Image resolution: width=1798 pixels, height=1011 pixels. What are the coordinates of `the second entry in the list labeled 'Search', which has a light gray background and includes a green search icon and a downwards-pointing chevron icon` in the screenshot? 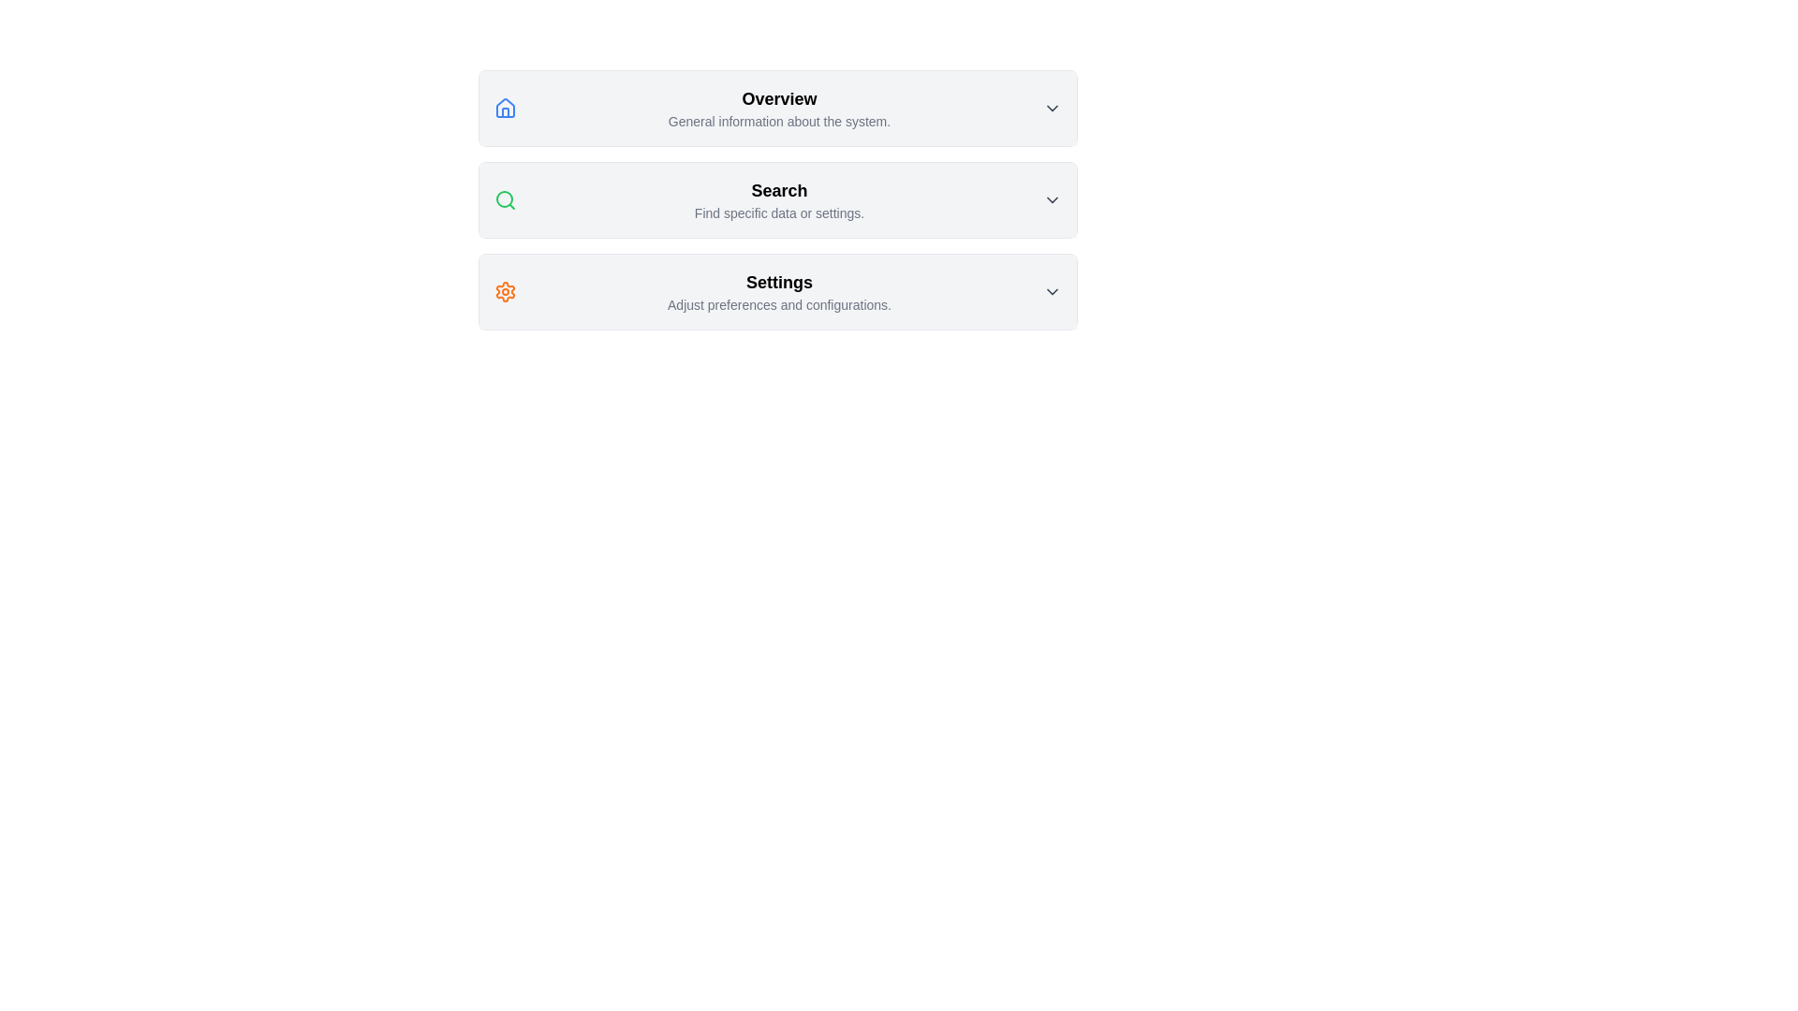 It's located at (777, 199).